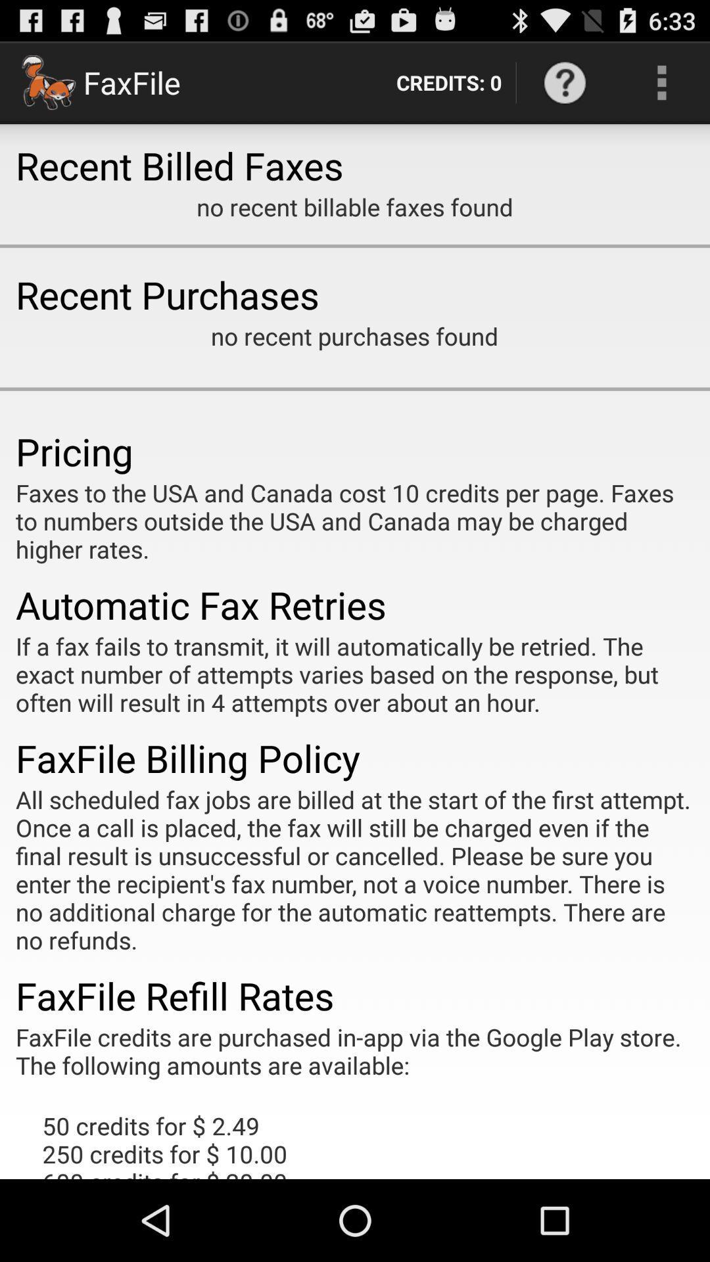 The height and width of the screenshot is (1262, 710). I want to click on icon to the right of credits: 0 item, so click(564, 82).